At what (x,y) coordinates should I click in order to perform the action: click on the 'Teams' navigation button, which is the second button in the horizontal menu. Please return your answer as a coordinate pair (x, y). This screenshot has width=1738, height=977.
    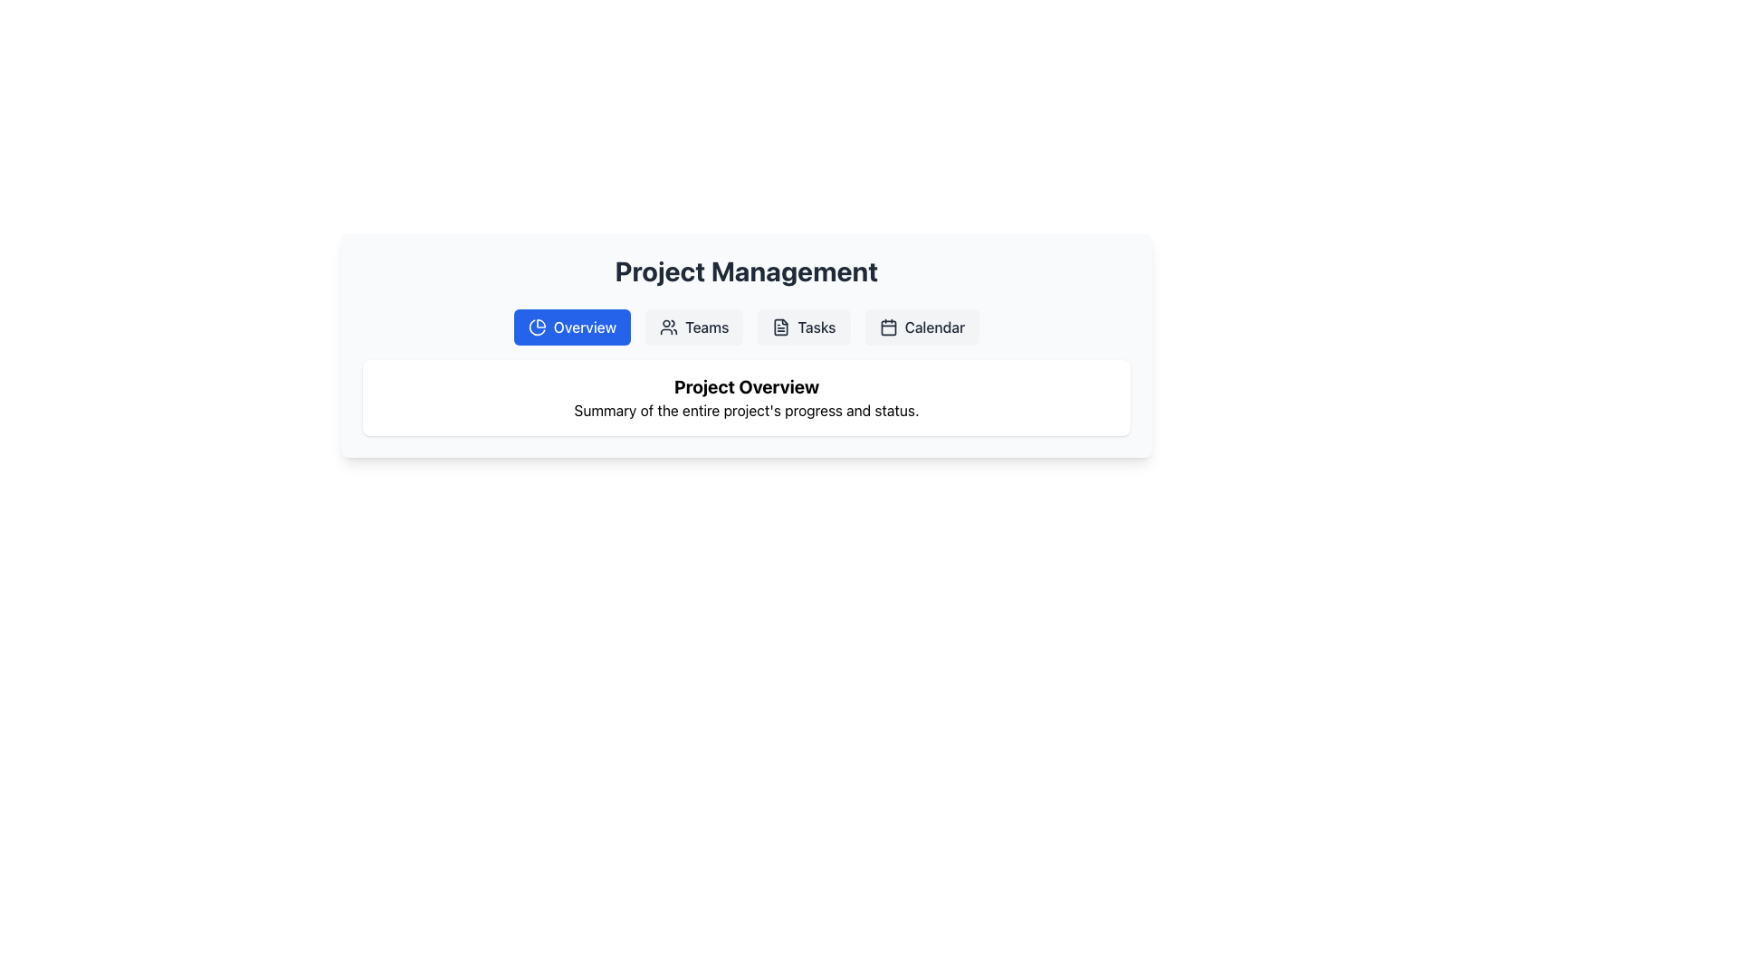
    Looking at the image, I should click on (693, 327).